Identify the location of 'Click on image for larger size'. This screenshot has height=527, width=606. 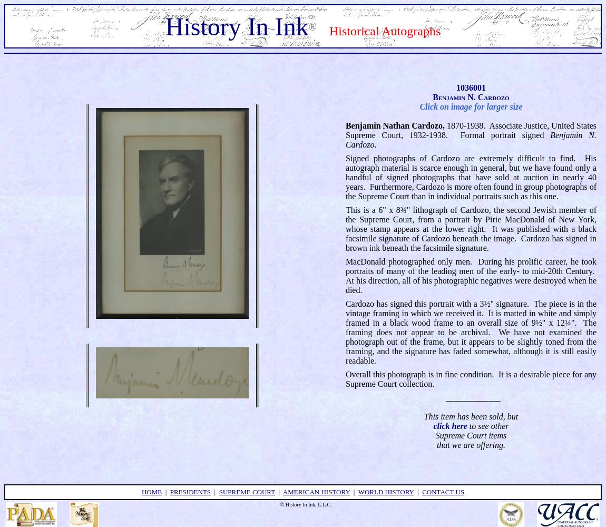
(471, 105).